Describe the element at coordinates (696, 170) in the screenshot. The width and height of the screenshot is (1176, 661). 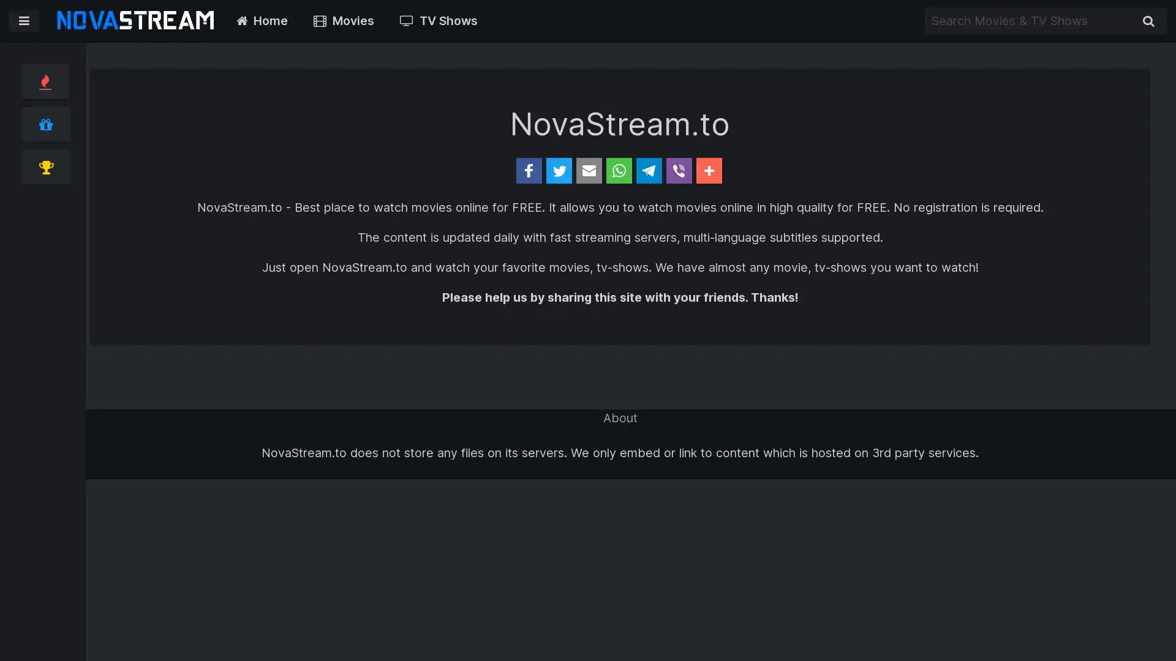
I see `Share to Telegram Telegram` at that location.